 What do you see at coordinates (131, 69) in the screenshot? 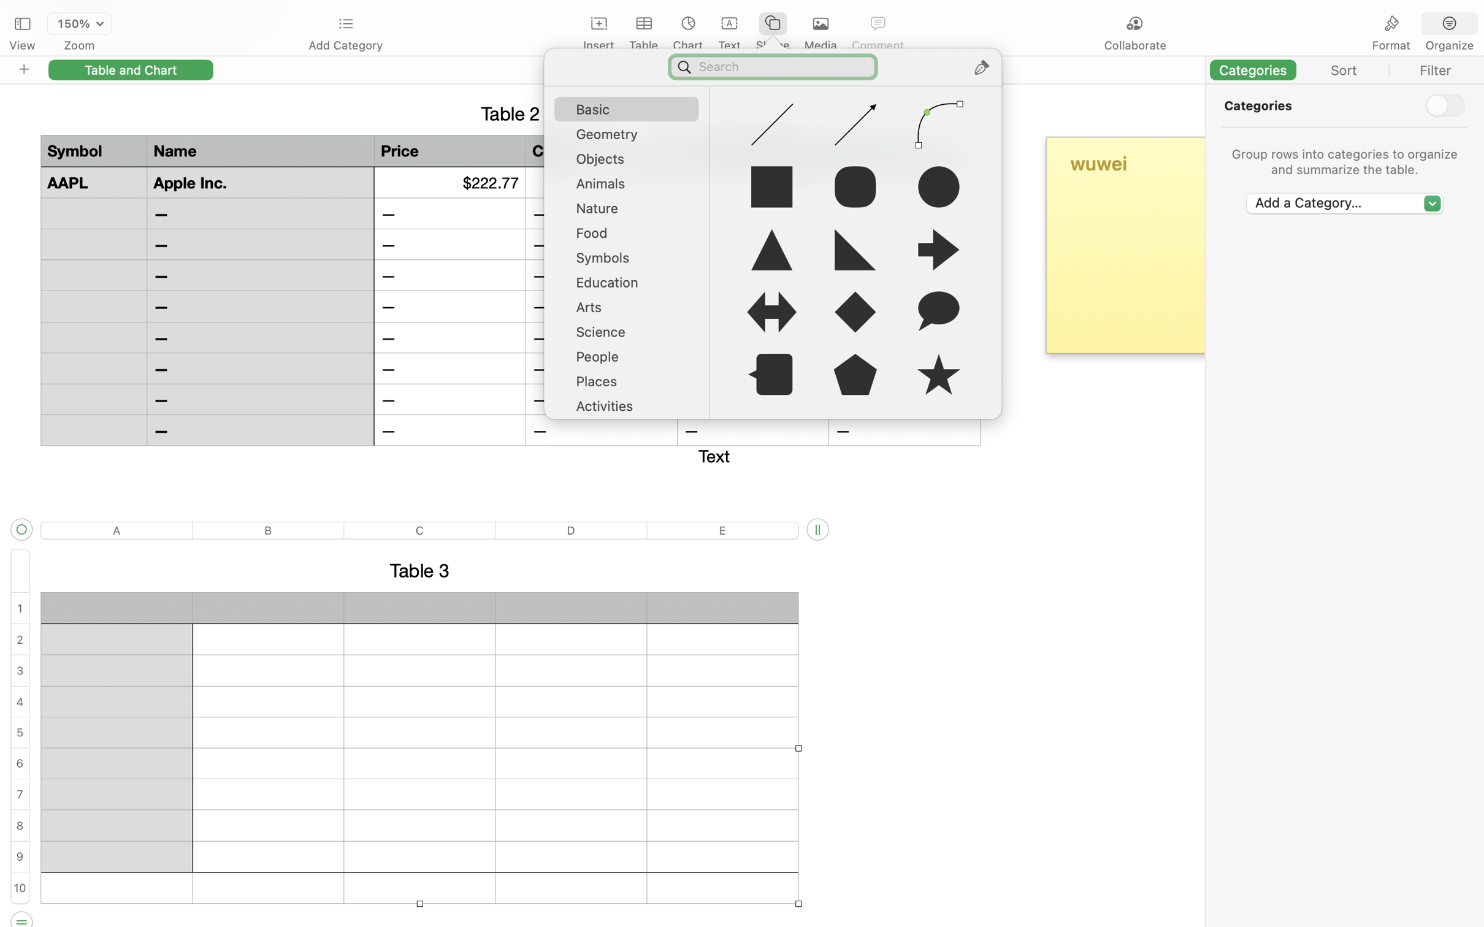
I see `'Table and Chart'` at bounding box center [131, 69].